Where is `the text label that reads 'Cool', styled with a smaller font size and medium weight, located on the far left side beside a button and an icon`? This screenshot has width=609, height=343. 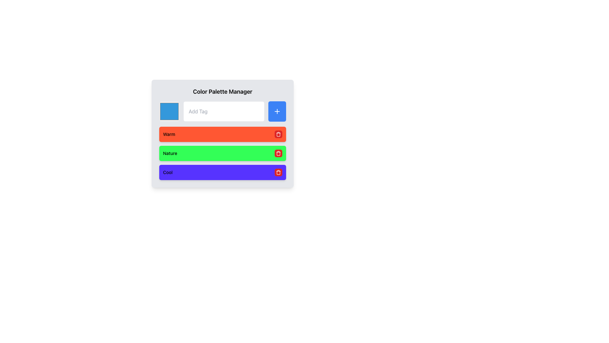
the text label that reads 'Cool', styled with a smaller font size and medium weight, located on the far left side beside a button and an icon is located at coordinates (167, 172).